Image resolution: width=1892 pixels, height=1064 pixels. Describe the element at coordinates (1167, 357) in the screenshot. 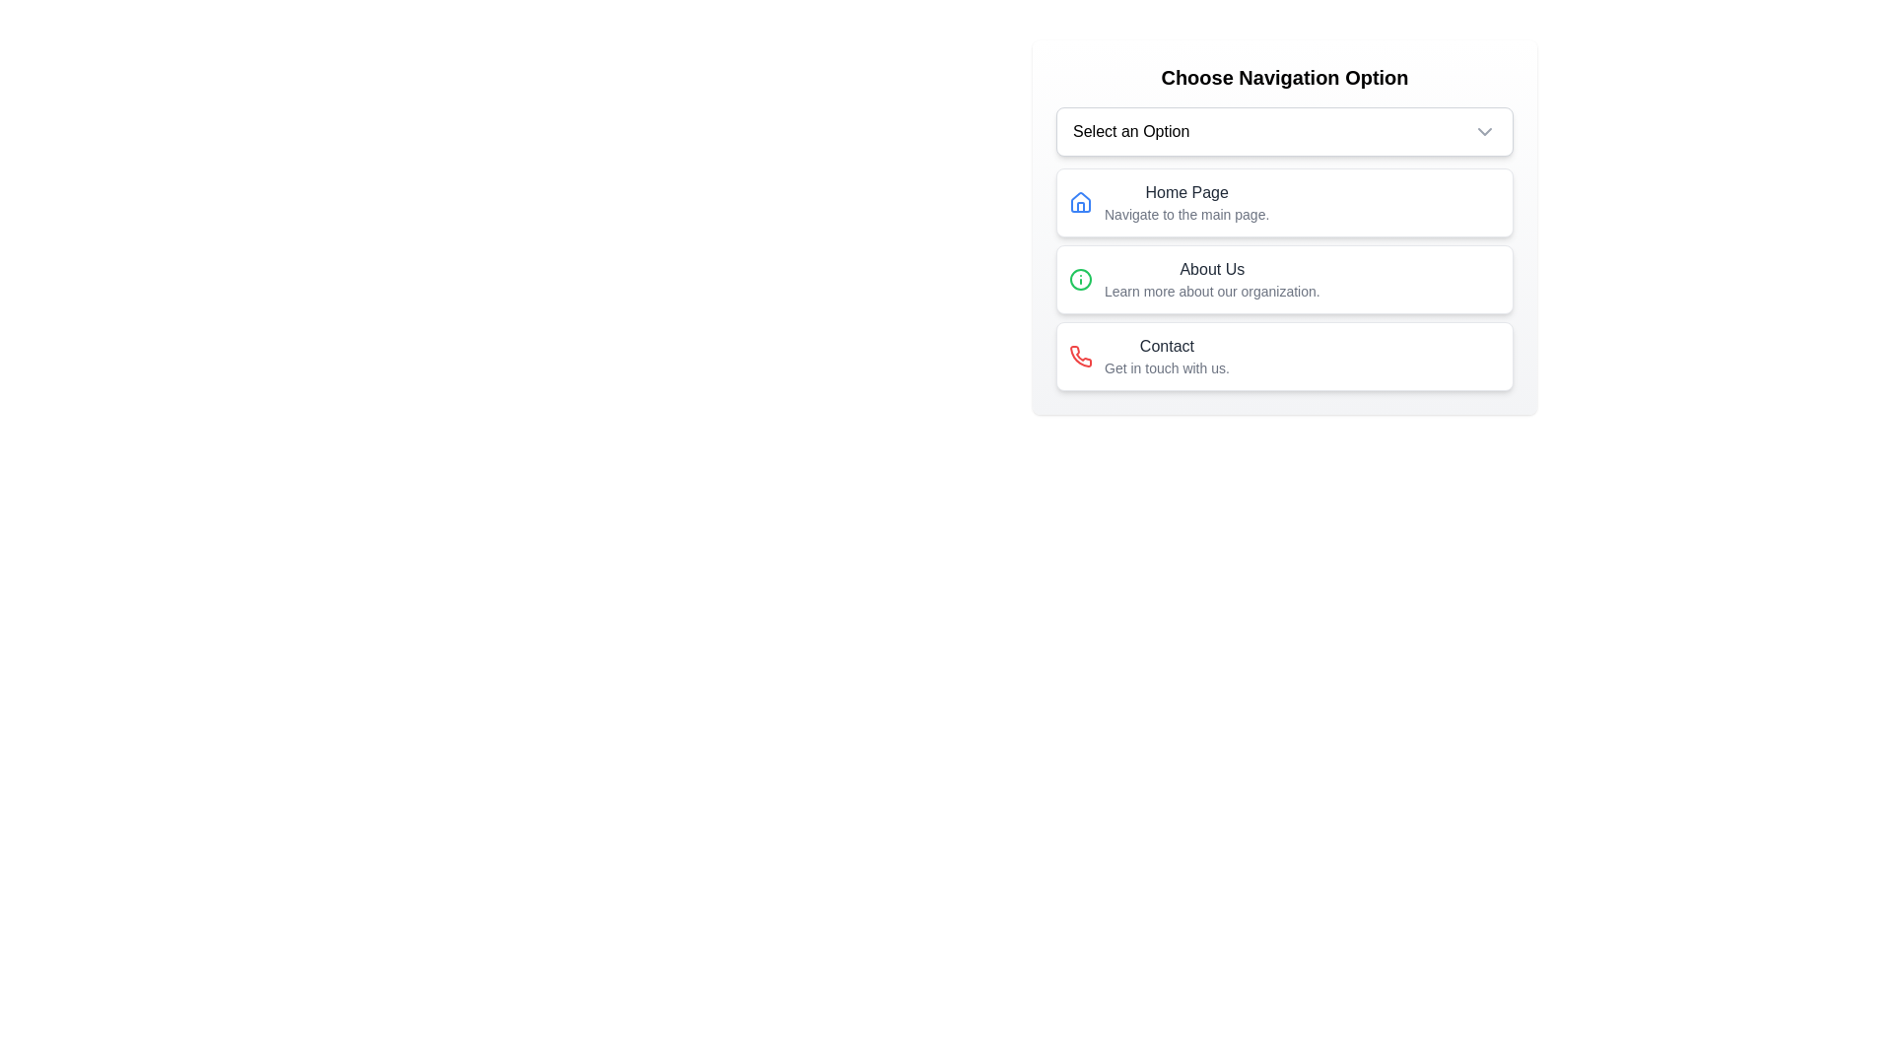

I see `the text block that serves as a clickable label for contacting the organization, located as the third item in the 'Choose Navigation Option' list within a white card-like section` at that location.